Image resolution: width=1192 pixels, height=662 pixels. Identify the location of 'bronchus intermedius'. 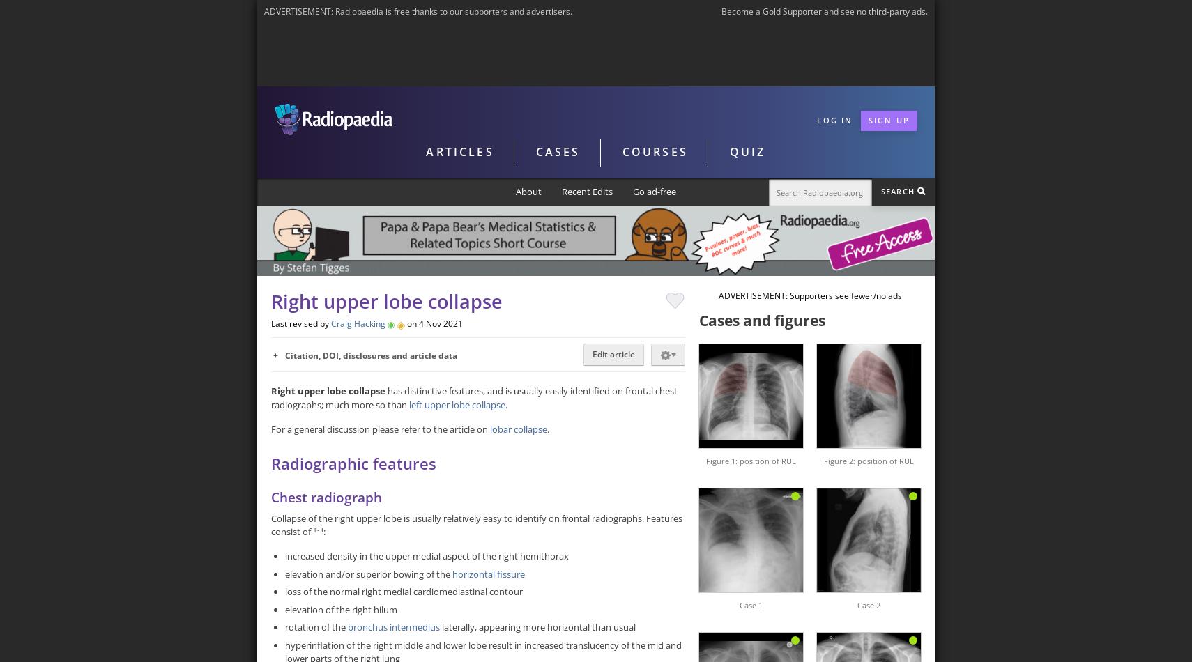
(393, 626).